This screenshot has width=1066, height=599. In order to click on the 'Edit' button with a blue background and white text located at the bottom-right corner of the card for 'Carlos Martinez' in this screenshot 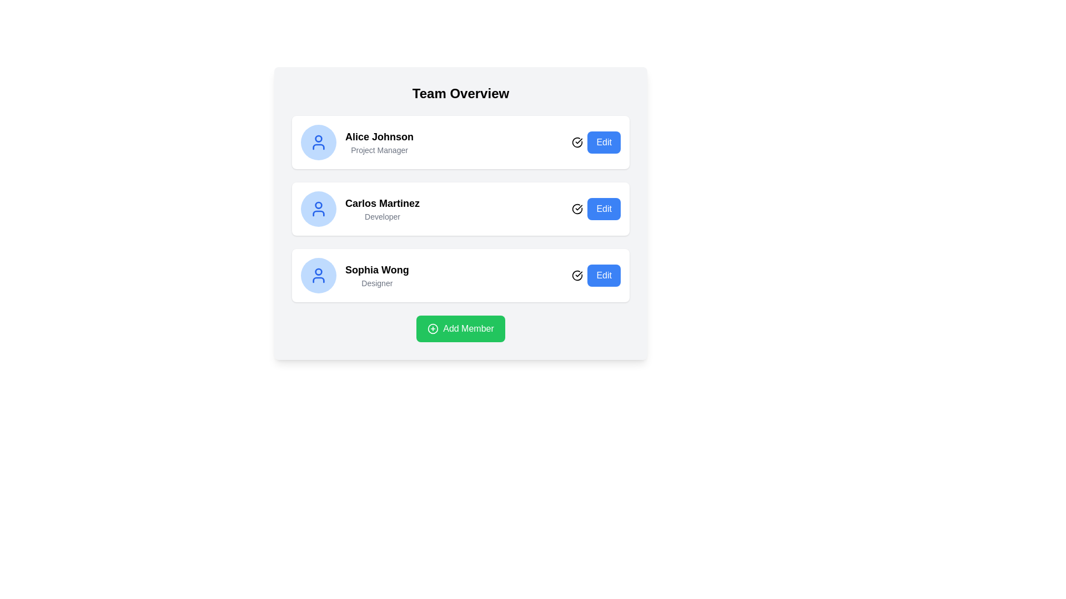, I will do `click(596, 209)`.